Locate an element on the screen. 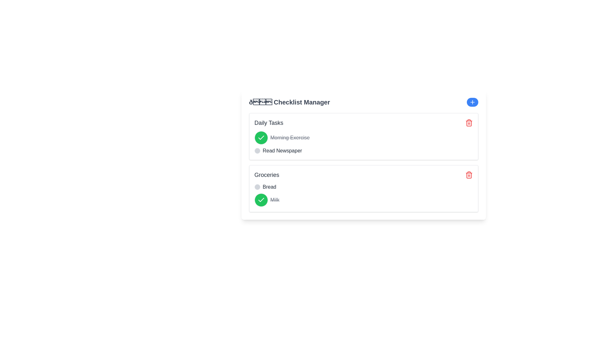  the text label displaying 'Read Newspaper' in dark gray, located underneath the 'Daily Tasks' title and adjacent to a circular icon is located at coordinates (282, 151).